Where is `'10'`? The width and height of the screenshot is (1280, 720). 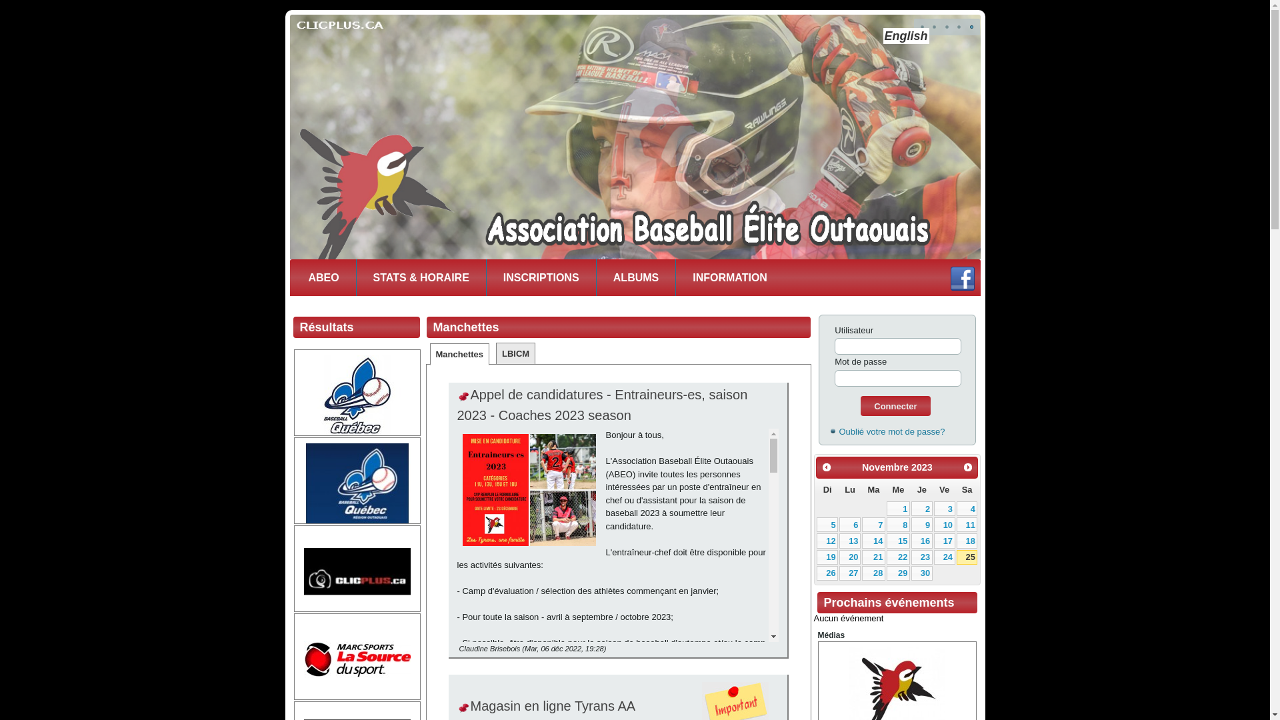
'10' is located at coordinates (943, 523).